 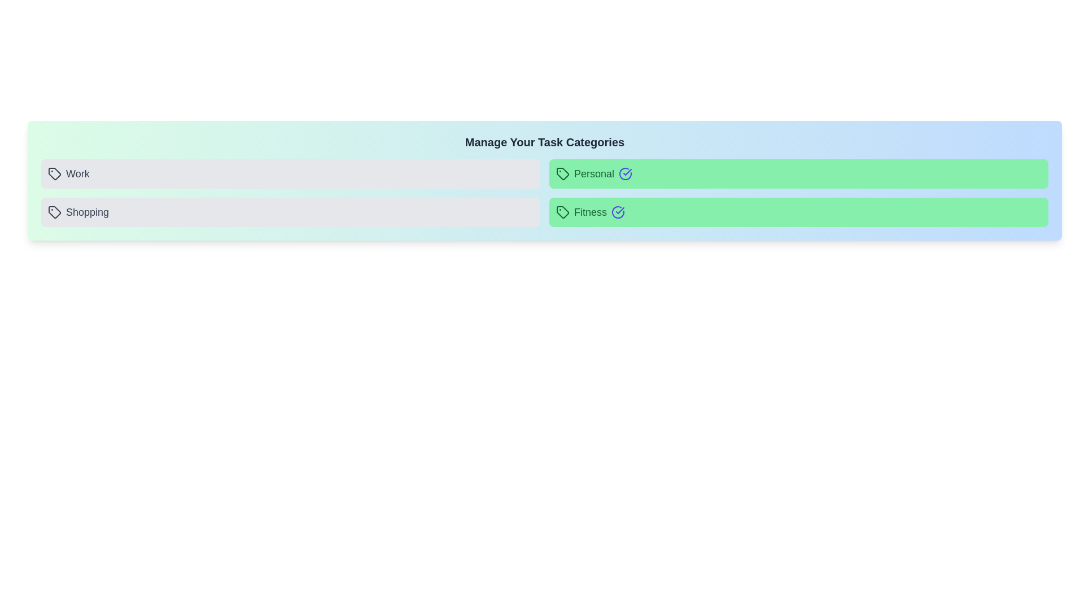 I want to click on the button representing the category Work, so click(x=290, y=174).